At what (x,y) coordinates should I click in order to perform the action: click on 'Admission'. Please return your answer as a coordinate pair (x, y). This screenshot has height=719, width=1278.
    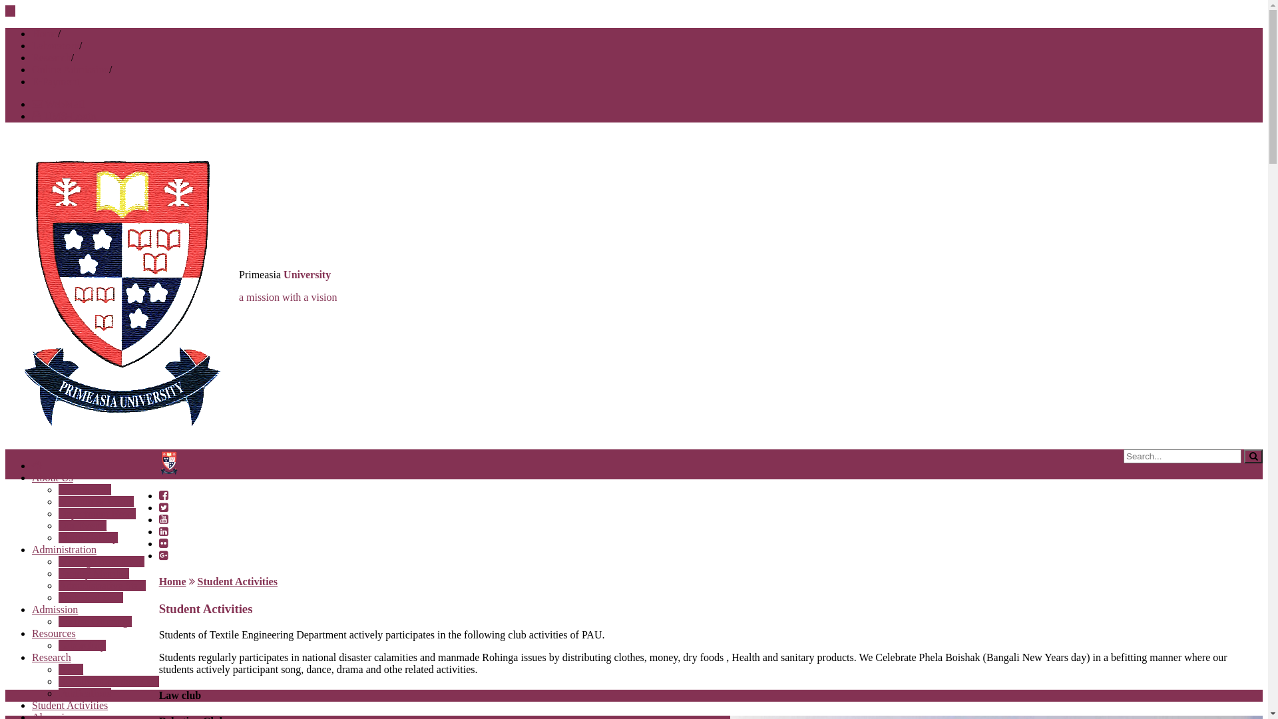
    Looking at the image, I should click on (54, 609).